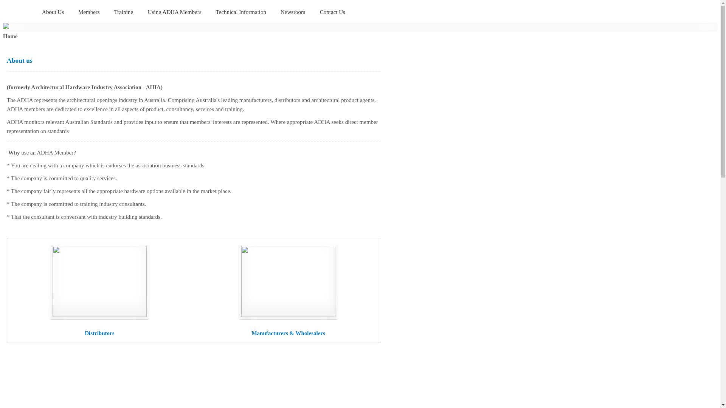 This screenshot has width=726, height=408. I want to click on 'Training', so click(124, 12).